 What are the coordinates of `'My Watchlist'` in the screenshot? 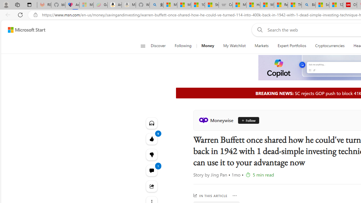 It's located at (234, 46).